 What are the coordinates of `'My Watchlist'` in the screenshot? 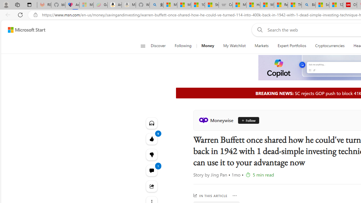 It's located at (234, 46).